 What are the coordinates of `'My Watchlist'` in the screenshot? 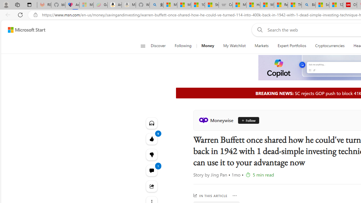 It's located at (234, 46).